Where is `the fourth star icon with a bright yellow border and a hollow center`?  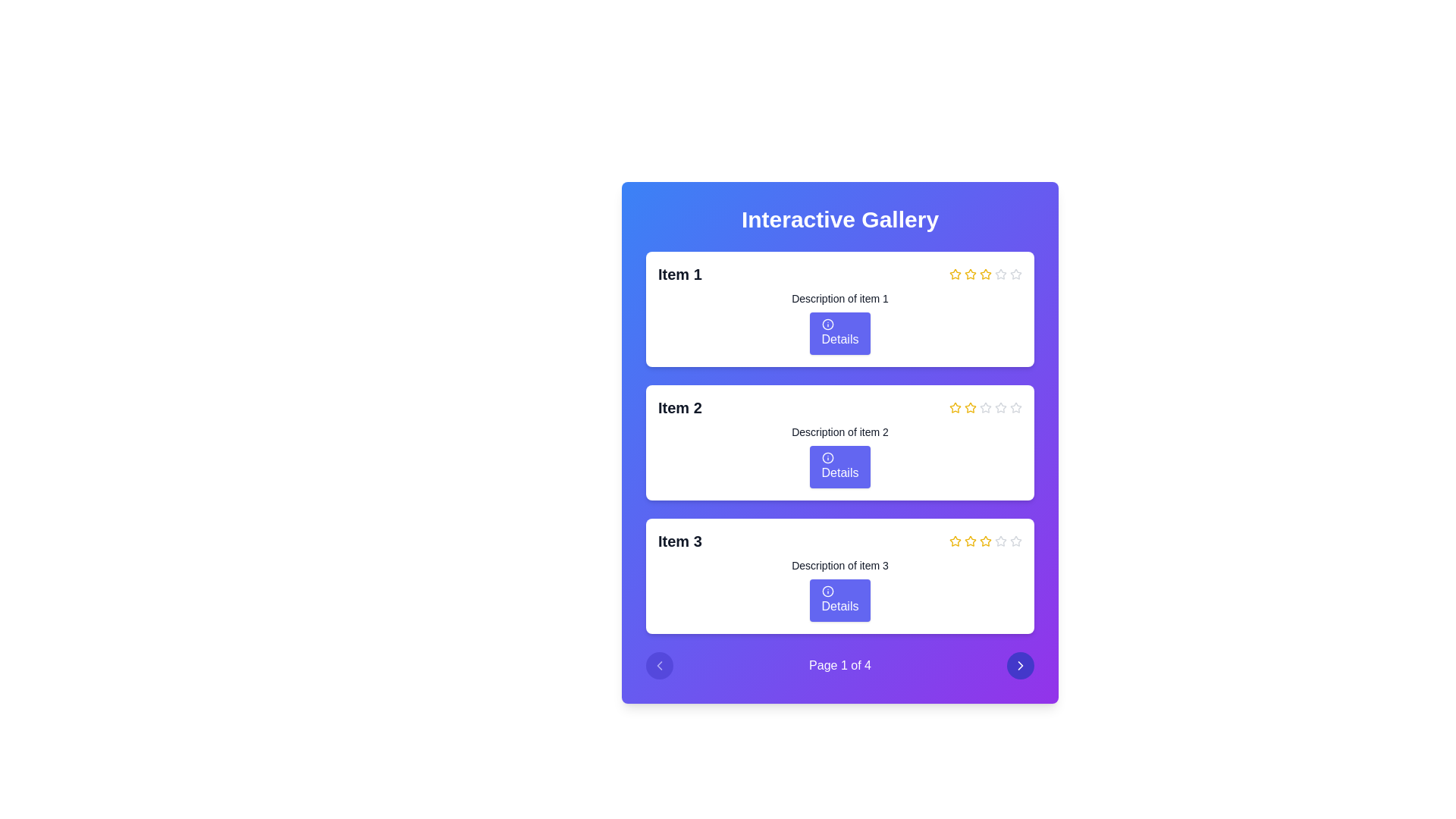
the fourth star icon with a bright yellow border and a hollow center is located at coordinates (986, 275).